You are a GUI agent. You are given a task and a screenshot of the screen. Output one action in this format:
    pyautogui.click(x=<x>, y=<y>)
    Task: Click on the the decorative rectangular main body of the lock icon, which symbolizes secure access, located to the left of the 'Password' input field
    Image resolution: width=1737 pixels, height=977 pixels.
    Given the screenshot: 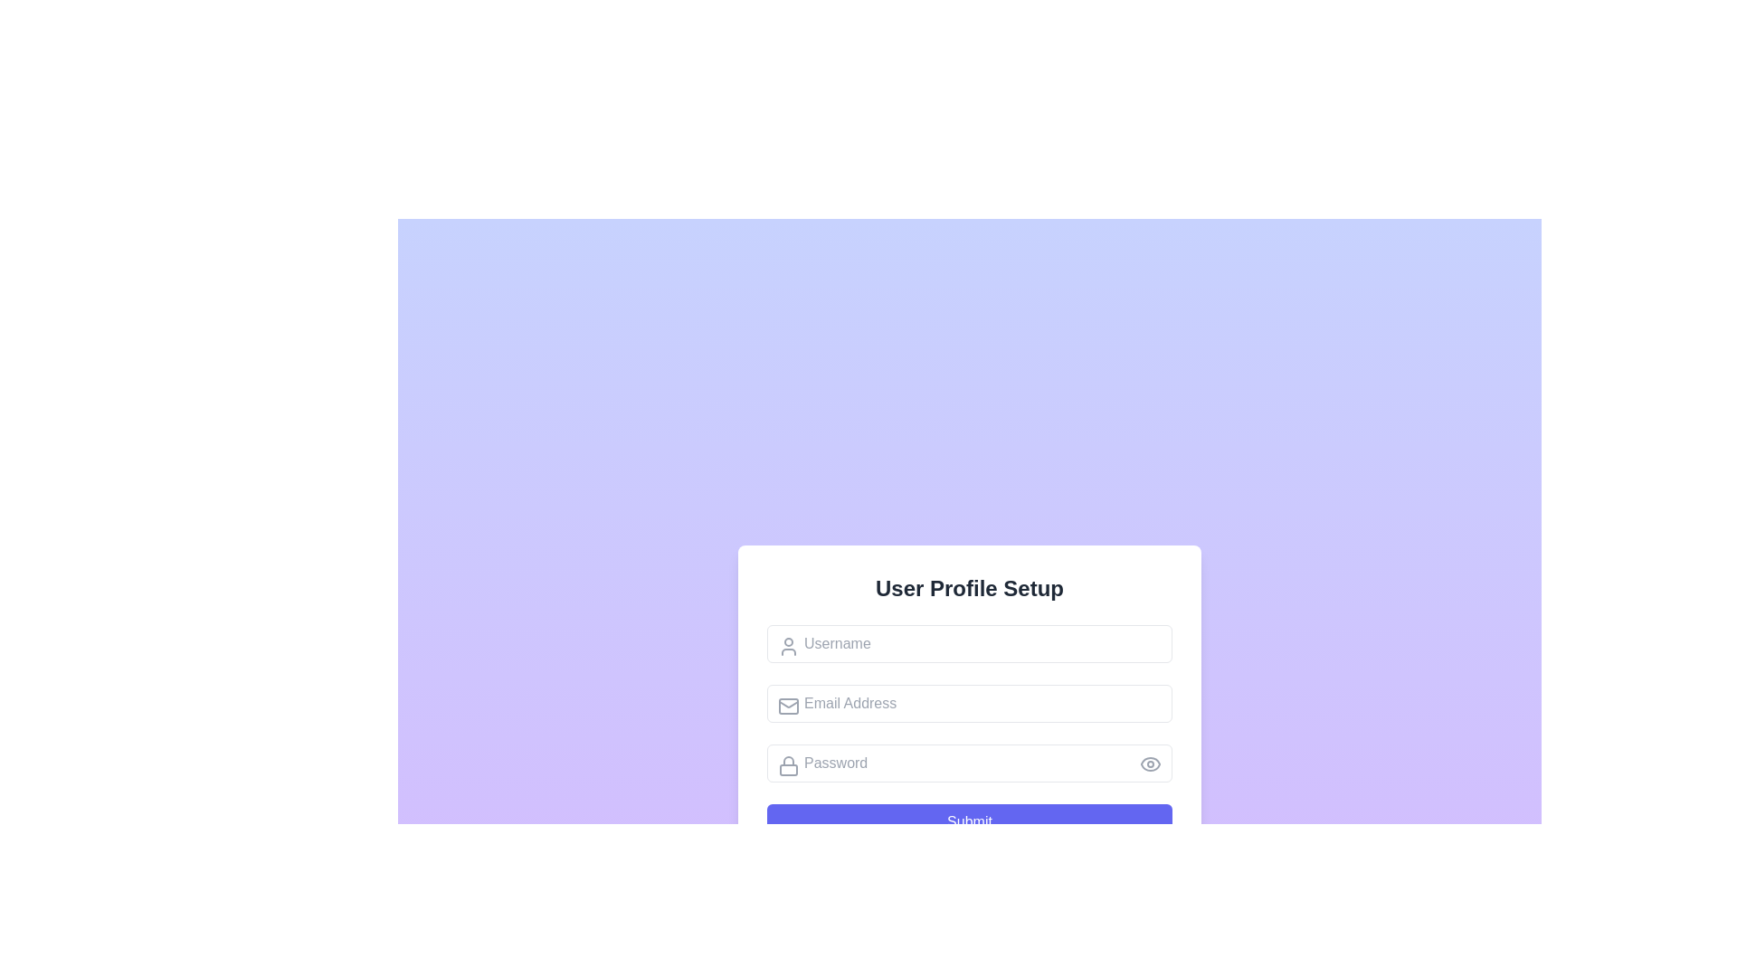 What is the action you would take?
    pyautogui.click(x=789, y=770)
    